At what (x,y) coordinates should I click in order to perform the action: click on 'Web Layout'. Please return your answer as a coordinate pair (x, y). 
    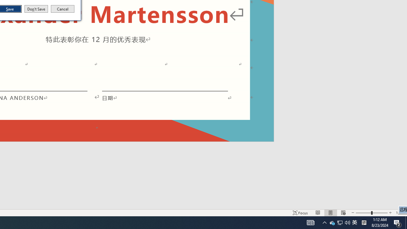
    Looking at the image, I should click on (343, 213).